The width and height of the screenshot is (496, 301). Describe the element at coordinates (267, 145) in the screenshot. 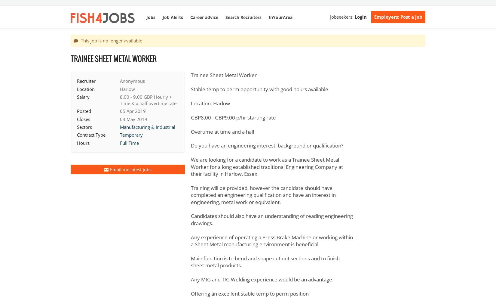

I see `'Do you have an engineering interest, background or qualification?'` at that location.